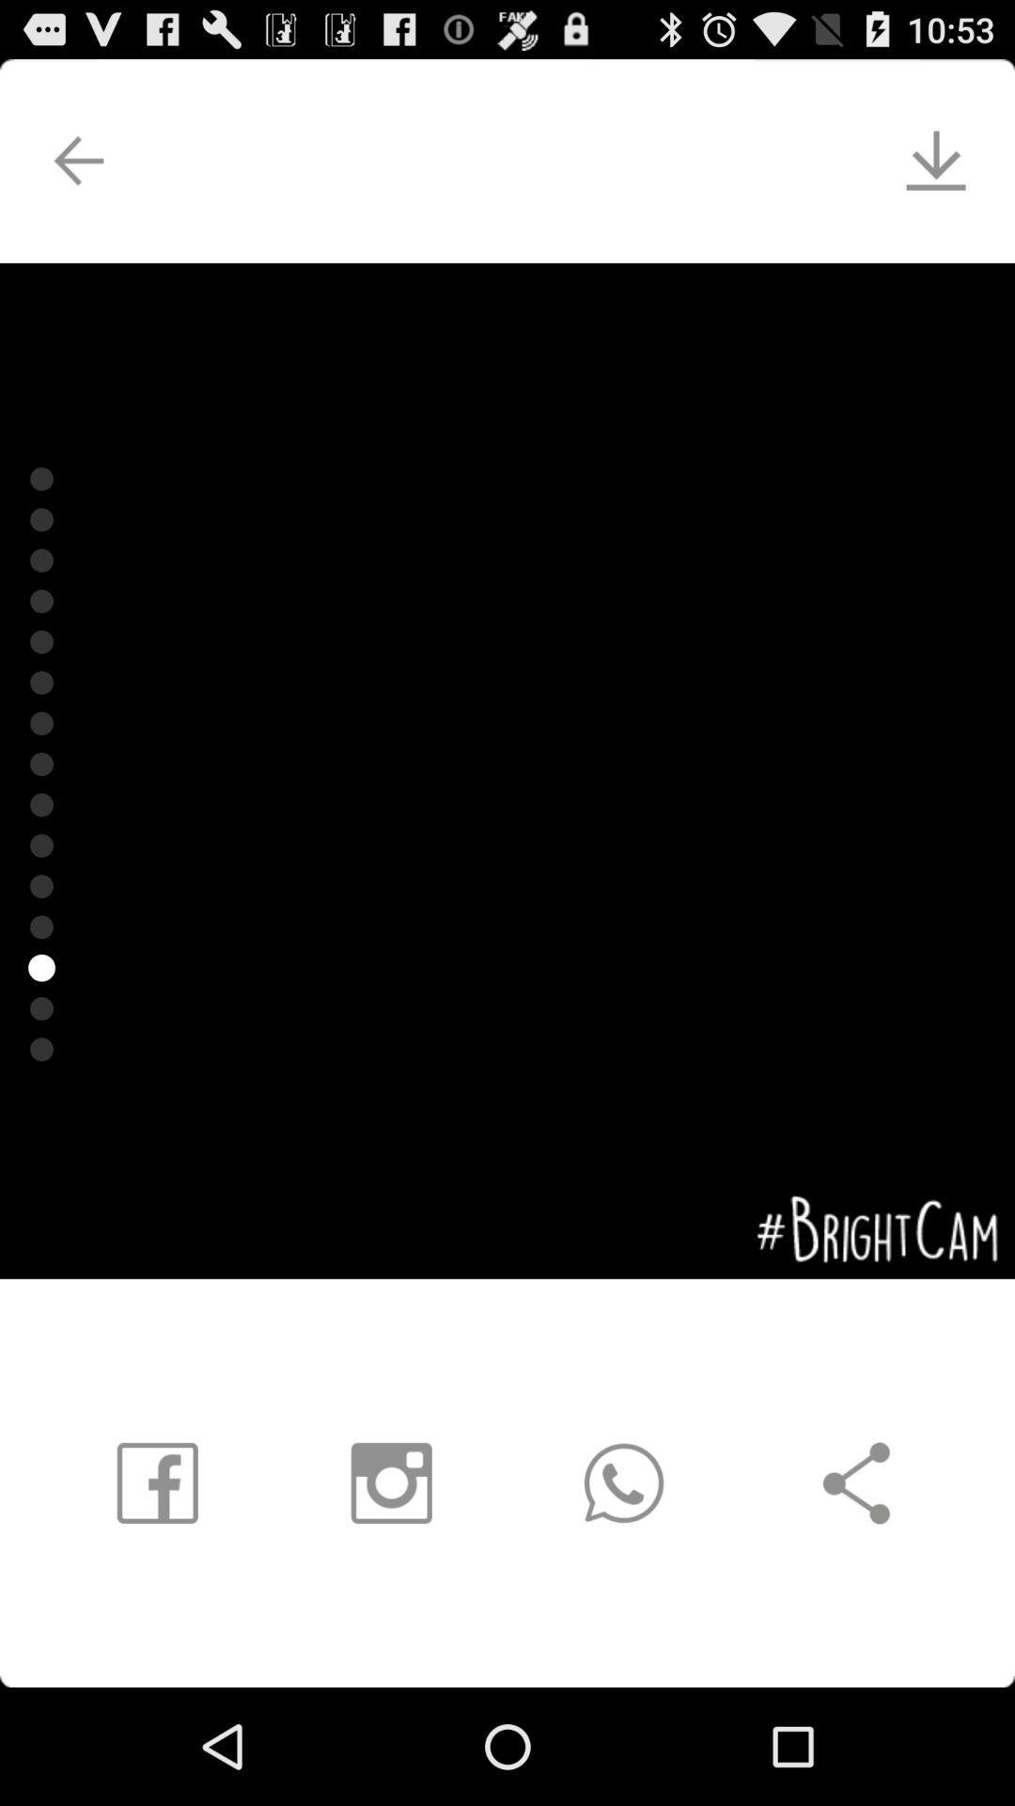 The image size is (1015, 1806). Describe the element at coordinates (155, 1586) in the screenshot. I see `the facebook icon` at that location.